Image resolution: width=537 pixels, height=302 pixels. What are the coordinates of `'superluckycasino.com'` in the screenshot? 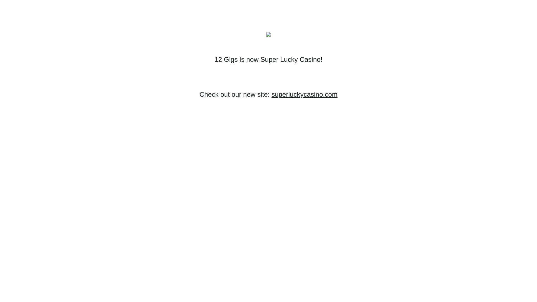 It's located at (271, 94).